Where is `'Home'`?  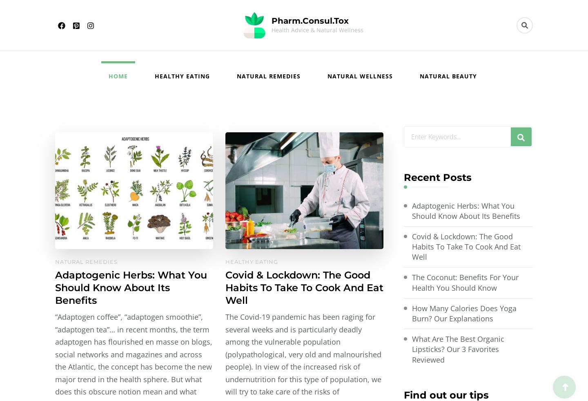
'Home' is located at coordinates (117, 76).